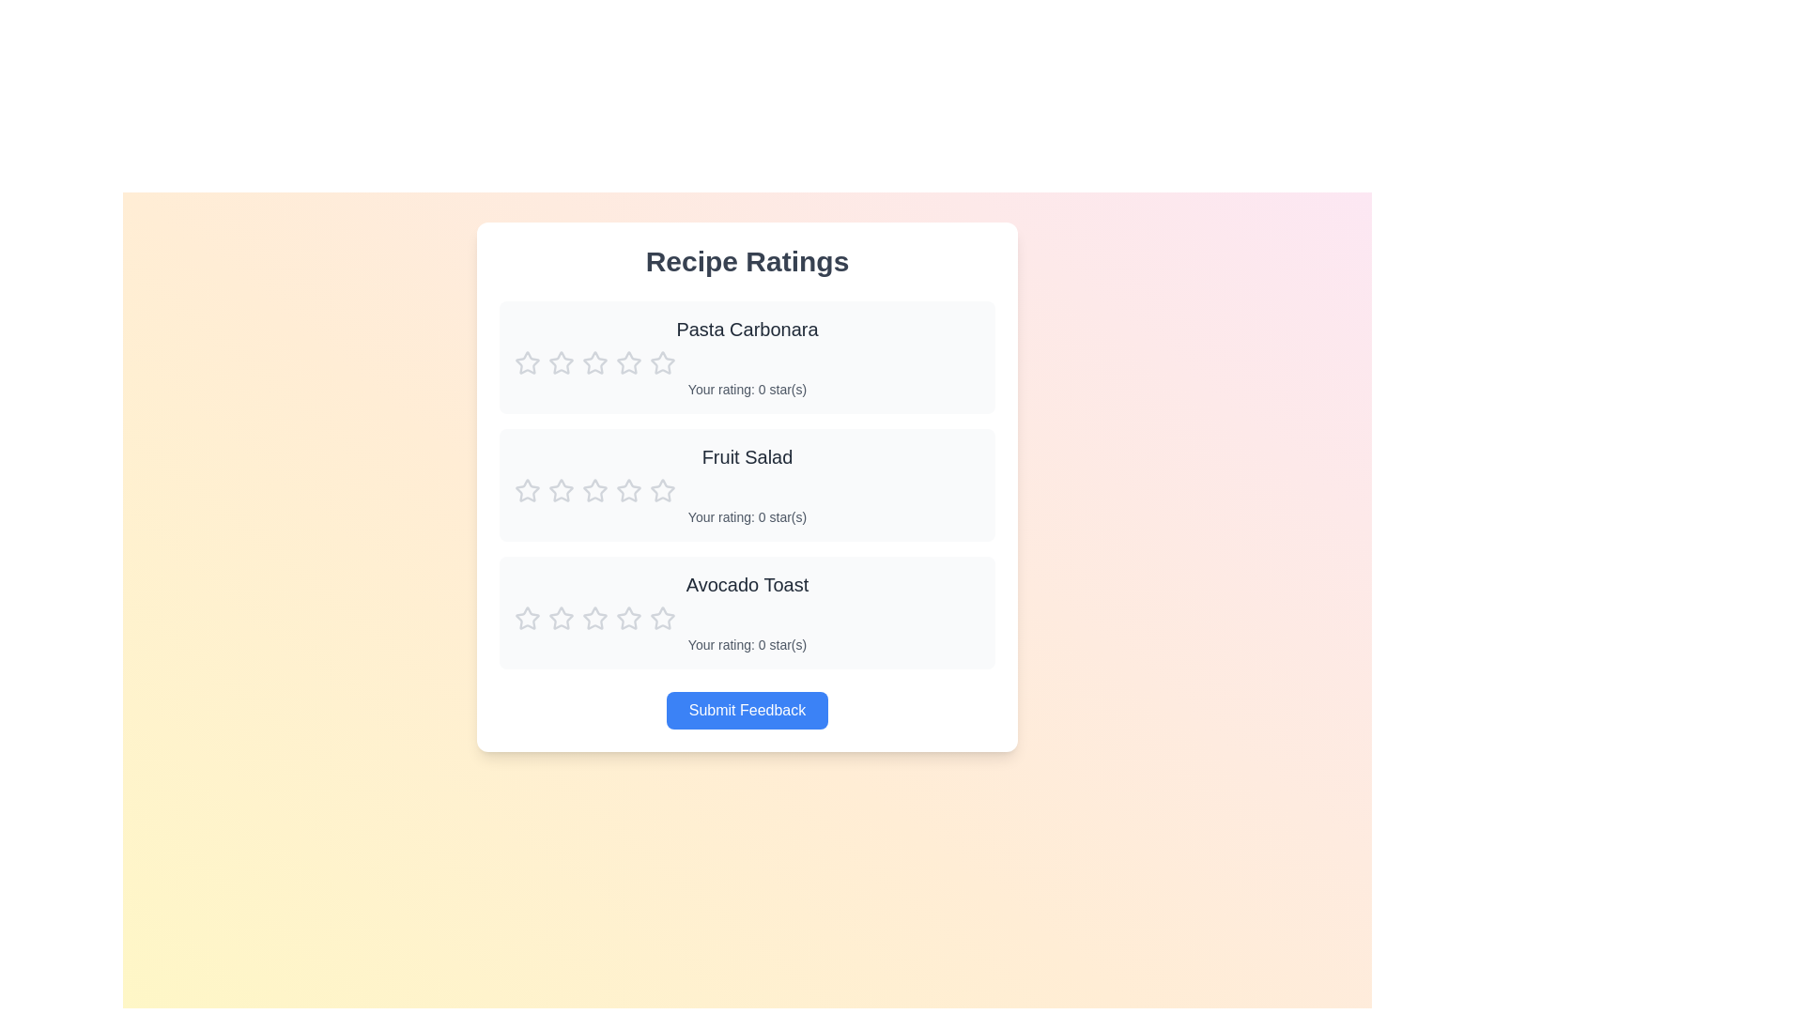 Image resolution: width=1803 pixels, height=1014 pixels. Describe the element at coordinates (662, 618) in the screenshot. I see `the first star from the left in the rating section of the 'Avocado Toast' row to navigate` at that location.